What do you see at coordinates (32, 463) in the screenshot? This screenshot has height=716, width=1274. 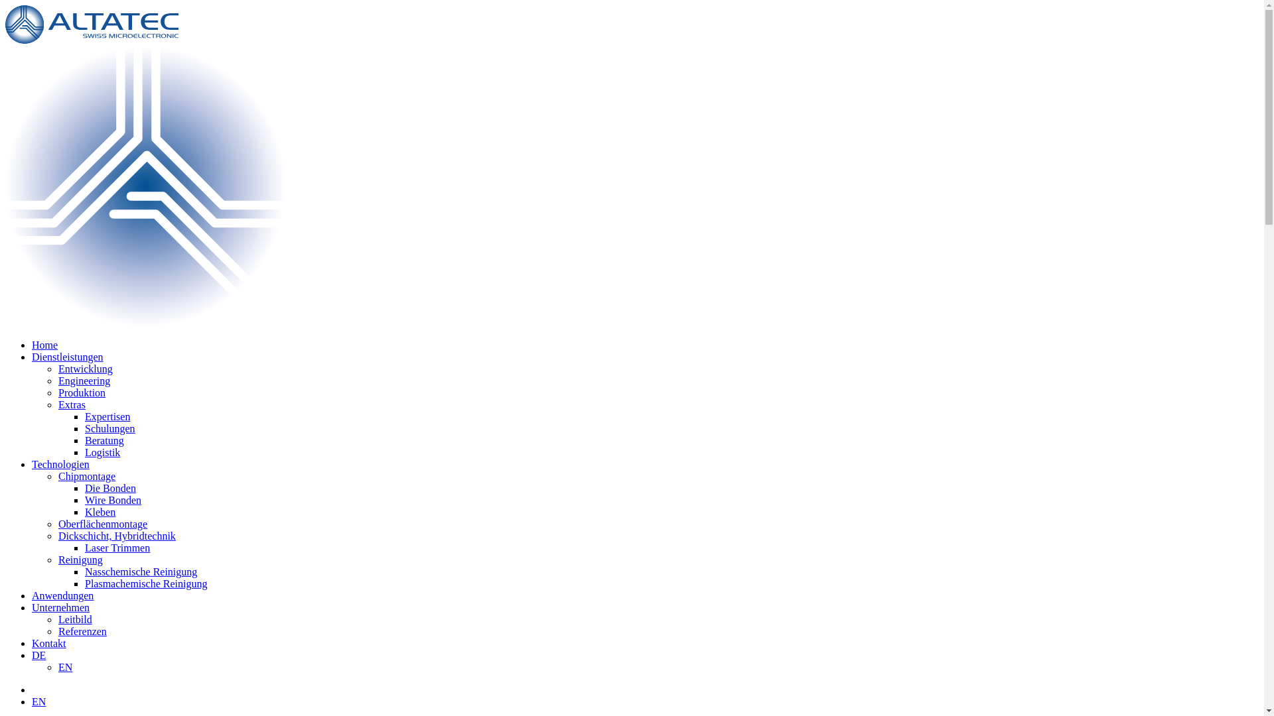 I see `'Technologien'` at bounding box center [32, 463].